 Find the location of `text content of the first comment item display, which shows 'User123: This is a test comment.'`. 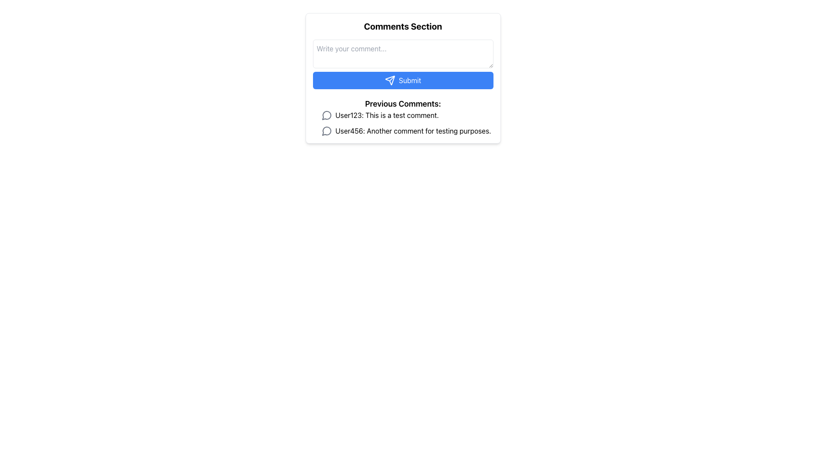

text content of the first comment item display, which shows 'User123: This is a test comment.' is located at coordinates (407, 115).